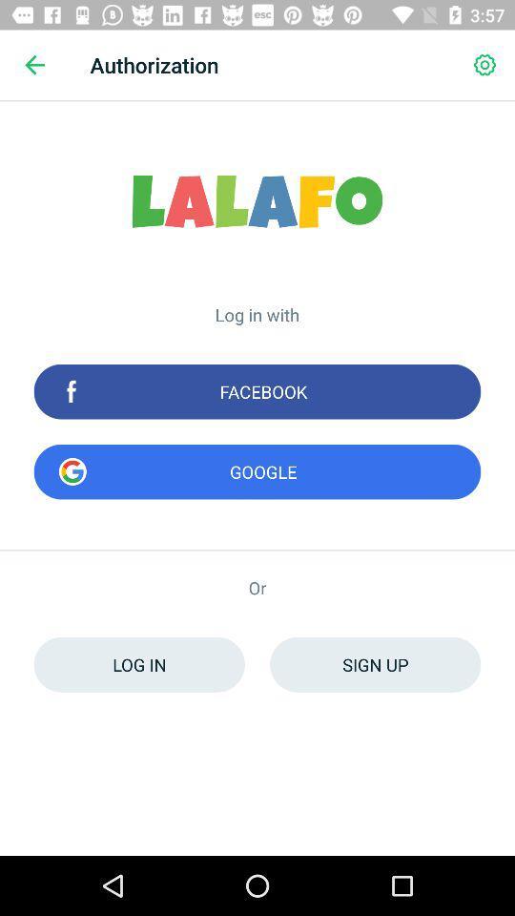  I want to click on the item to the left of authorization icon, so click(34, 65).